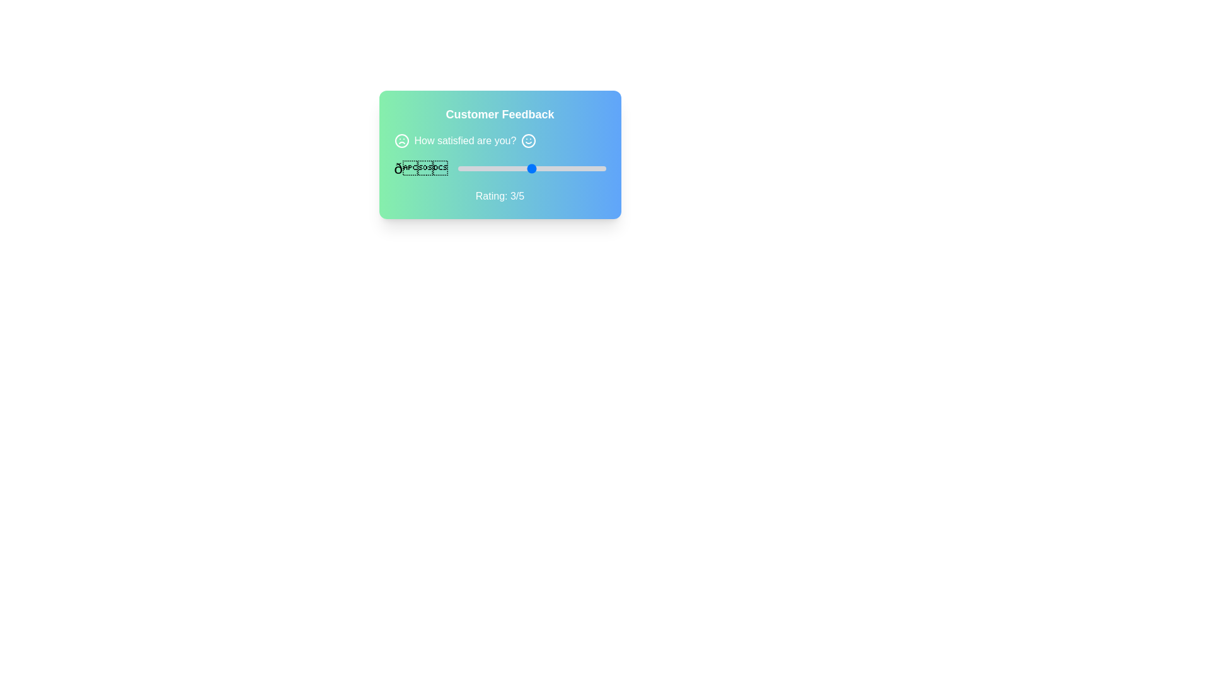 This screenshot has height=680, width=1210. I want to click on the slider value, so click(568, 167).